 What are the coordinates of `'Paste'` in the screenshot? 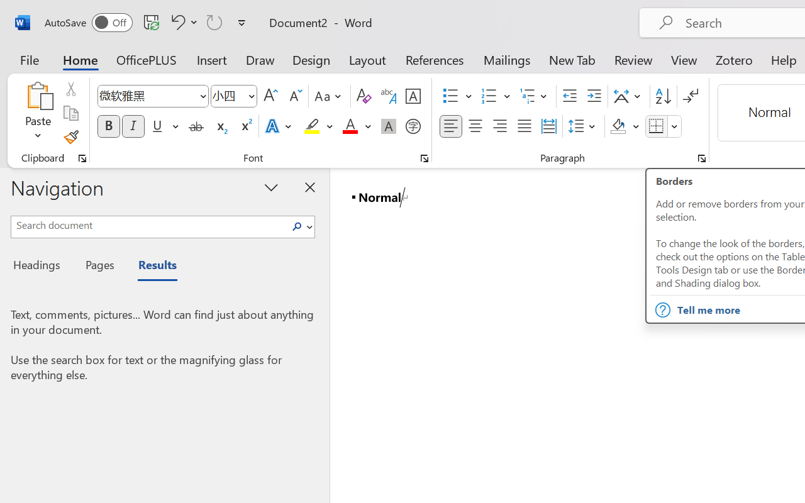 It's located at (38, 95).